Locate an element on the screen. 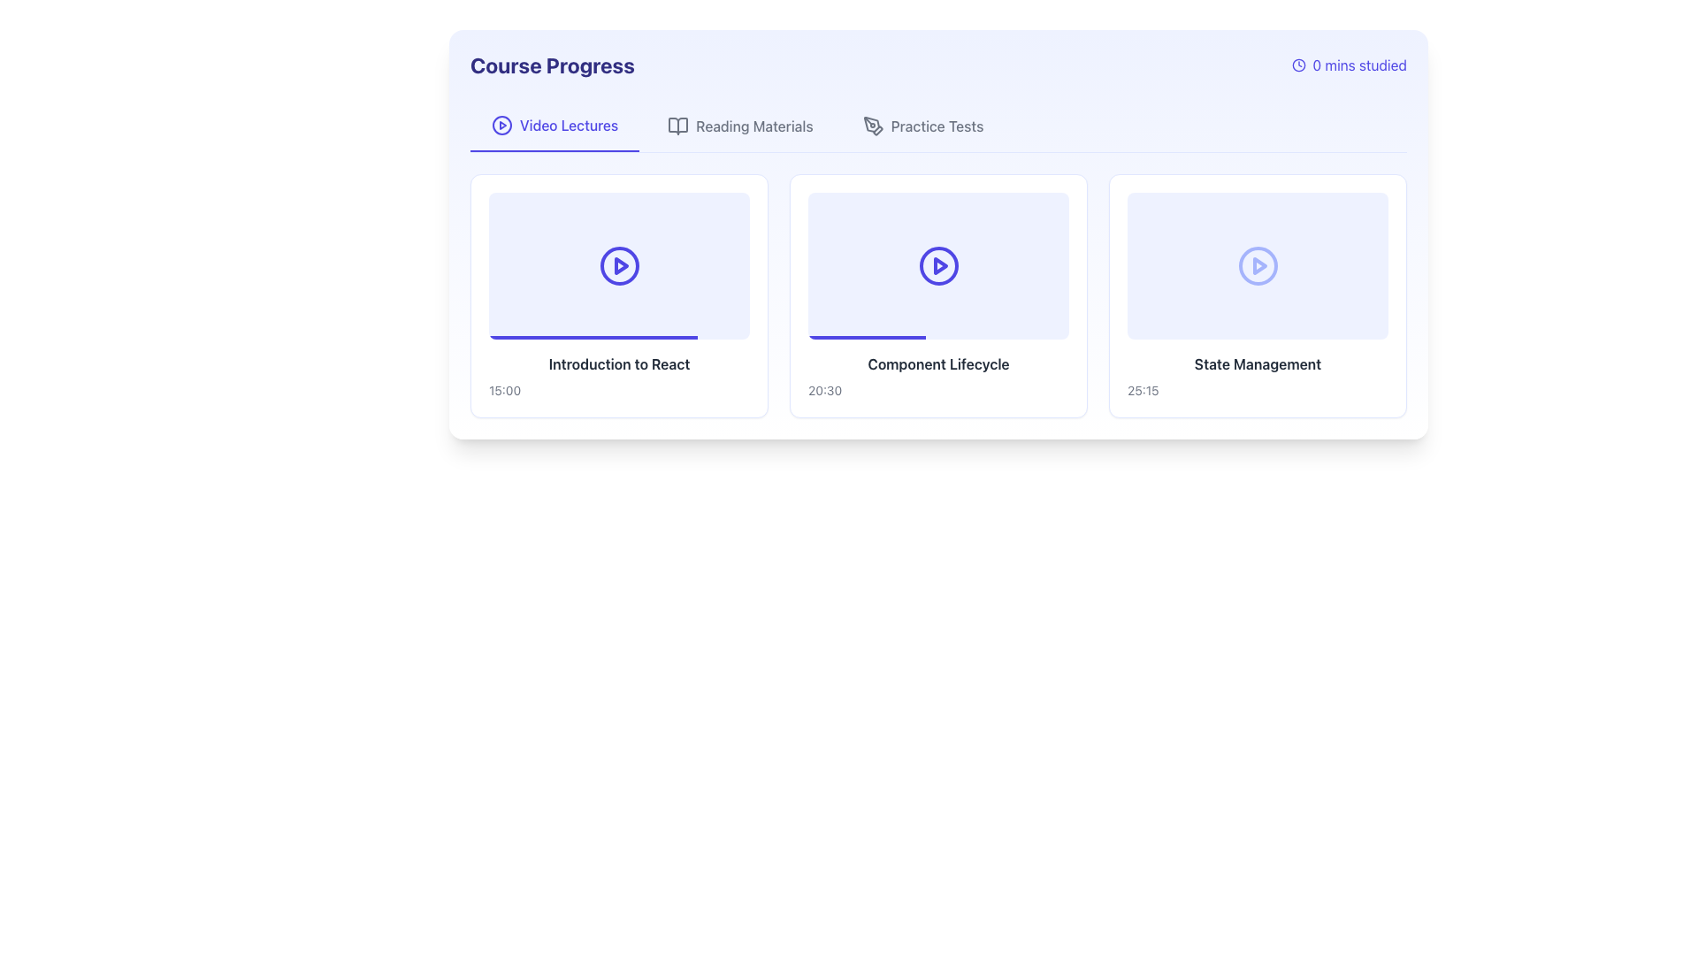 Image resolution: width=1698 pixels, height=955 pixels. the navigation tab located beneath the 'Course Progress' title is located at coordinates (937, 126).